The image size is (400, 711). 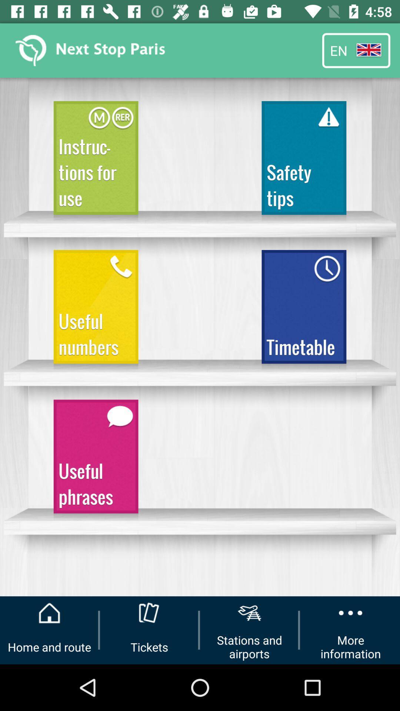 I want to click on the icon above stations and airports which is at bottom of the page, so click(x=249, y=613).